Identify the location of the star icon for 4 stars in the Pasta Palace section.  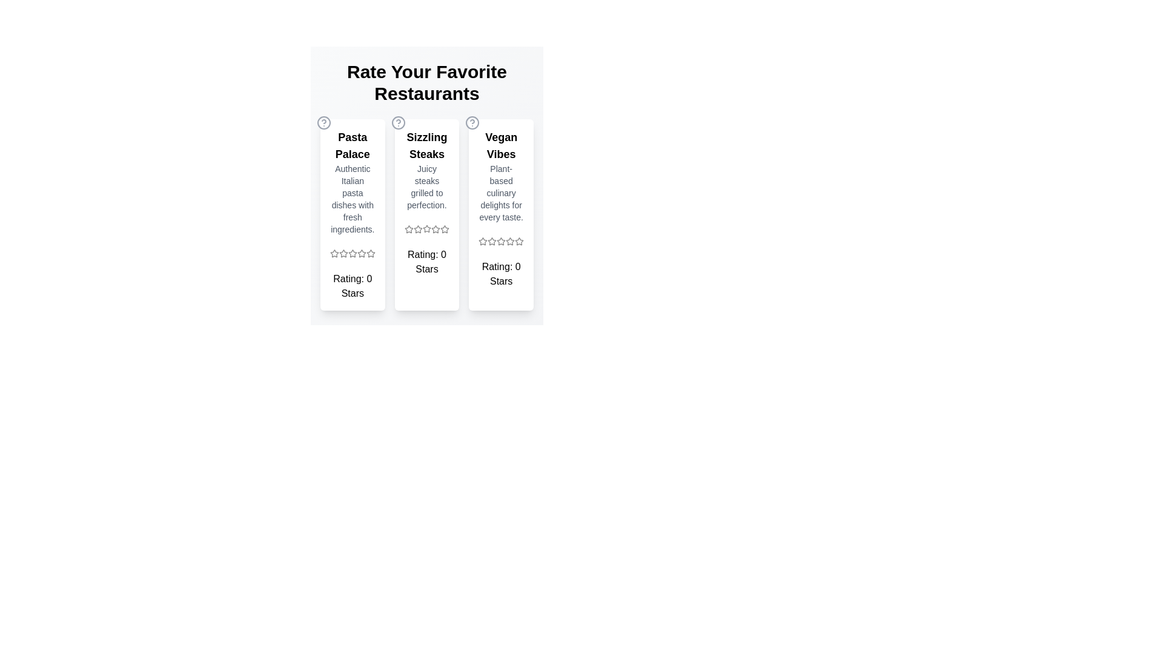
(360, 253).